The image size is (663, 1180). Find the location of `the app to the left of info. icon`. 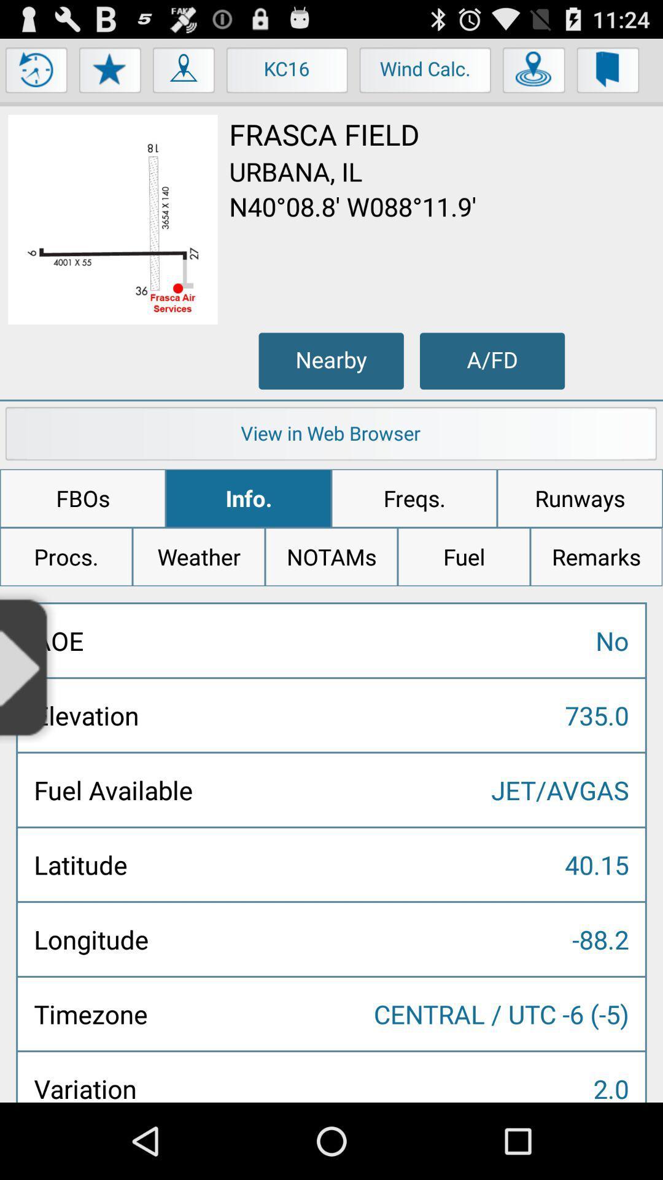

the app to the left of info. icon is located at coordinates (83, 498).